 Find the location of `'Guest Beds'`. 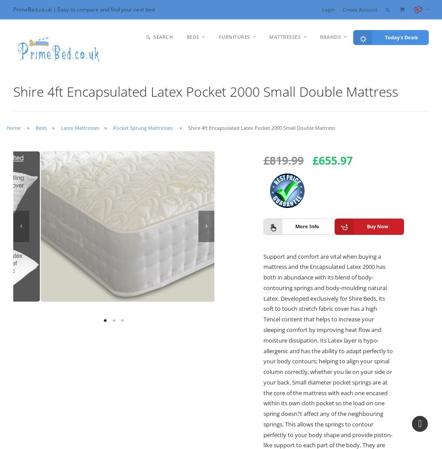

'Guest Beds' is located at coordinates (211, 136).